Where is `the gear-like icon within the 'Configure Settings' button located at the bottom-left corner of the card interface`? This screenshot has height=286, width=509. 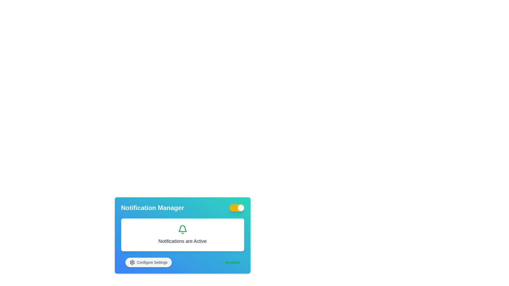 the gear-like icon within the 'Configure Settings' button located at the bottom-left corner of the card interface is located at coordinates (132, 262).